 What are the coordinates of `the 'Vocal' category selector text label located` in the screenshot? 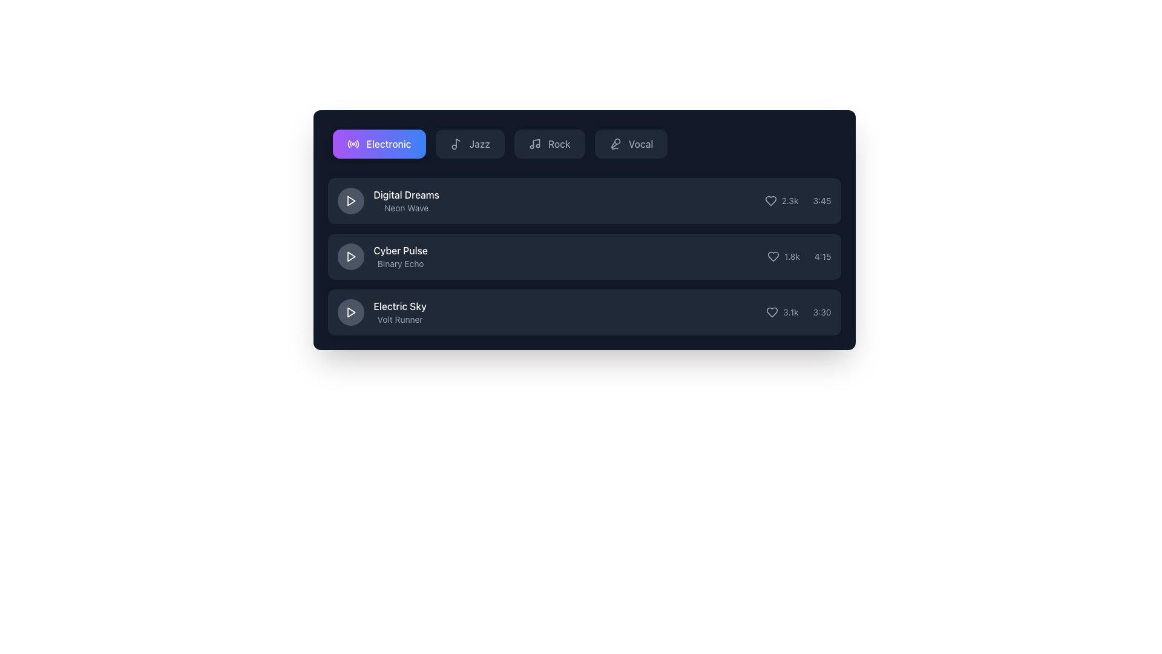 It's located at (640, 144).